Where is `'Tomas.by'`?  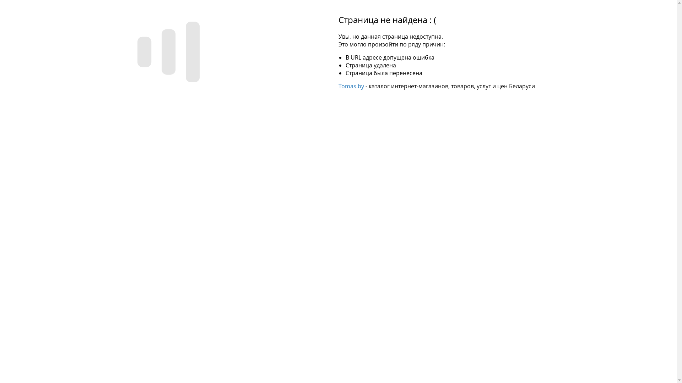 'Tomas.by' is located at coordinates (337, 86).